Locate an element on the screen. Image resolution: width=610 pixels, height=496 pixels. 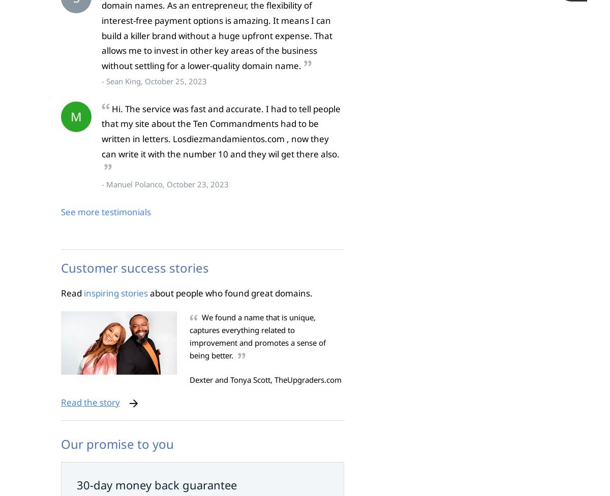
'- Sean King, October 25, 2023' is located at coordinates (154, 80).